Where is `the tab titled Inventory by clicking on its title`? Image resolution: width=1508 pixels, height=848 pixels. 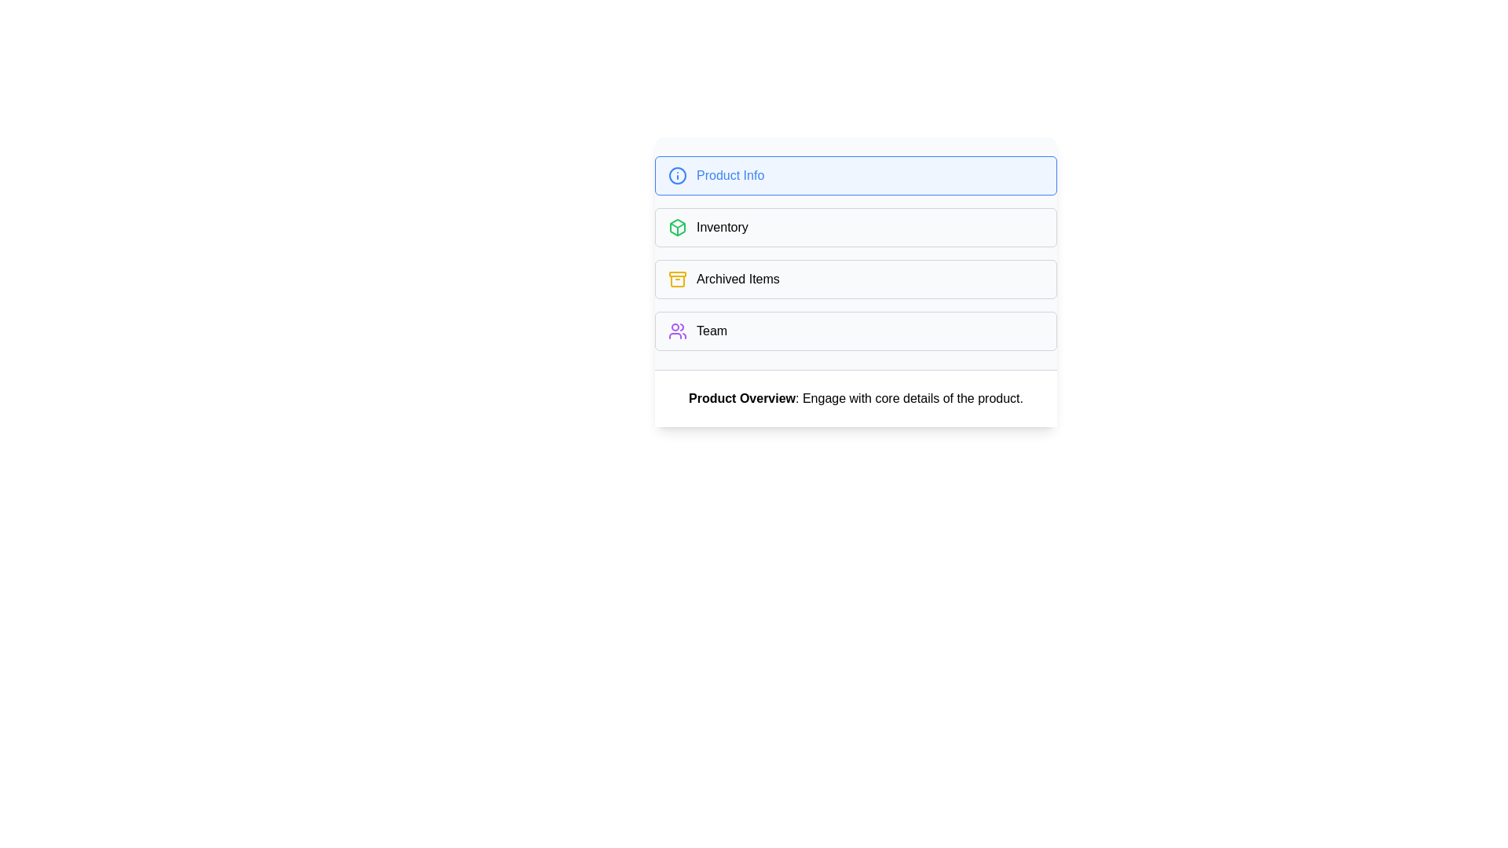 the tab titled Inventory by clicking on its title is located at coordinates (855, 227).